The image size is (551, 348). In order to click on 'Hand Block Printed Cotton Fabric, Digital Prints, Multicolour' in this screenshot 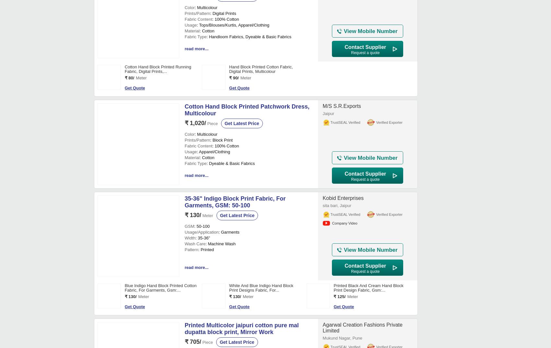, I will do `click(260, 268)`.